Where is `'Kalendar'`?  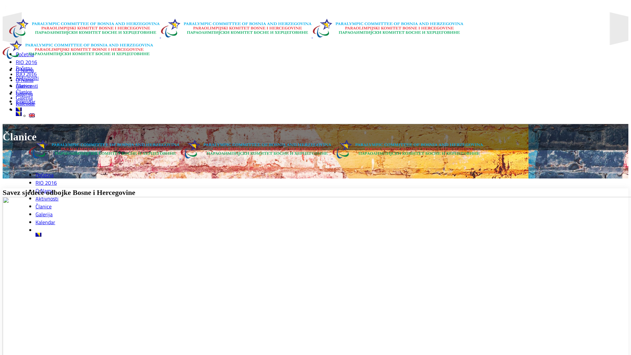 'Kalendar' is located at coordinates (45, 222).